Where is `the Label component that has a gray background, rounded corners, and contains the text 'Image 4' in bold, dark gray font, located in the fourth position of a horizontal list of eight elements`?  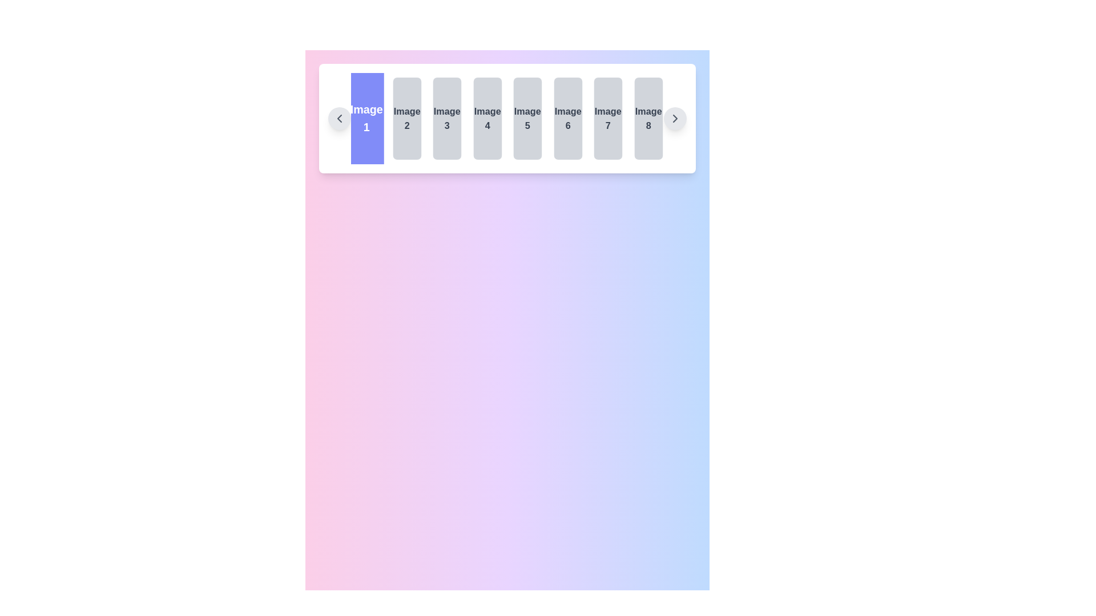 the Label component that has a gray background, rounded corners, and contains the text 'Image 4' in bold, dark gray font, located in the fourth position of a horizontal list of eight elements is located at coordinates (487, 119).